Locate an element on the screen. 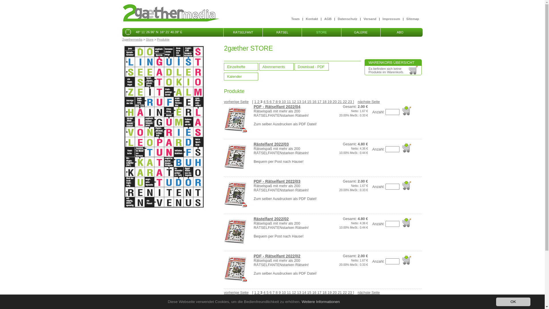 This screenshot has width=549, height=309. '5' is located at coordinates (268, 101).